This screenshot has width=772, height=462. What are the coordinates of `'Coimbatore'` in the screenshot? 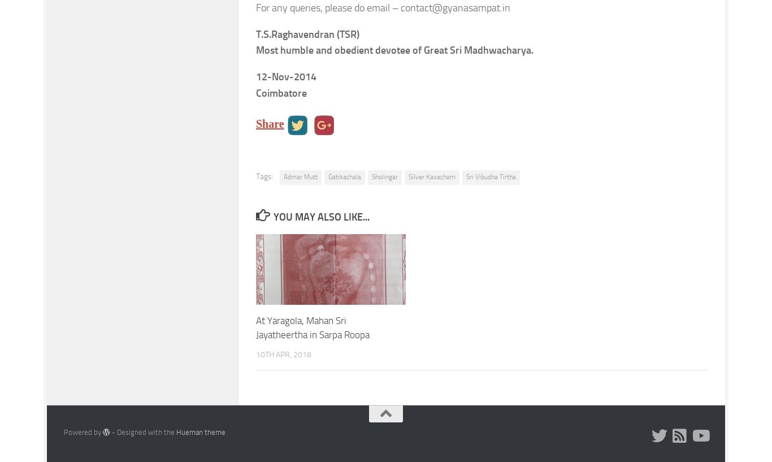 It's located at (281, 92).